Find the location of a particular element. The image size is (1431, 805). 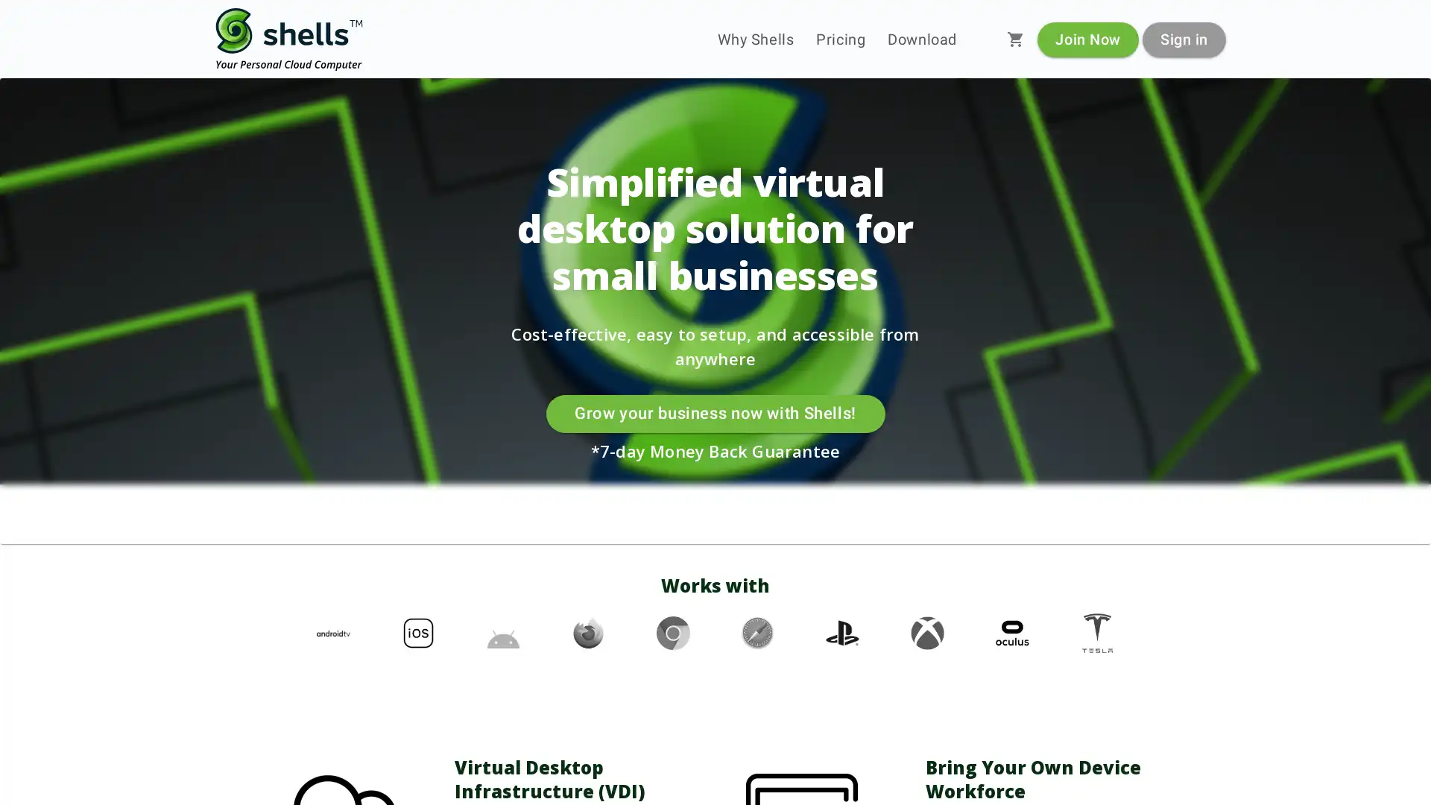

Grow your business now with Shells! is located at coordinates (714, 414).